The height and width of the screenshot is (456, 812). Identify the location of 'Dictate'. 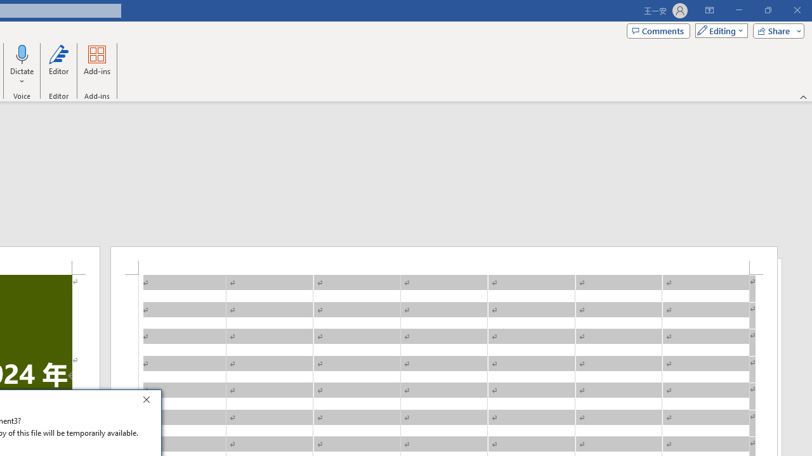
(22, 65).